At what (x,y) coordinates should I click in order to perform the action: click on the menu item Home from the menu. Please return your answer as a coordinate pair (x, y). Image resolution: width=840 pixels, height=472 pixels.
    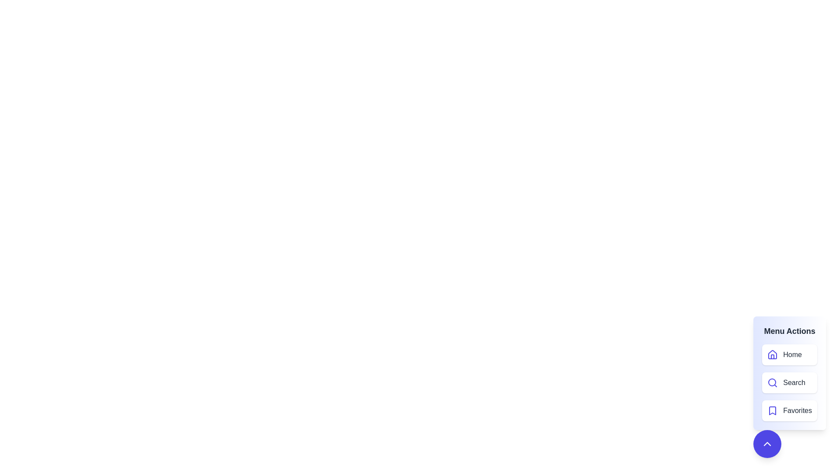
    Looking at the image, I should click on (789, 355).